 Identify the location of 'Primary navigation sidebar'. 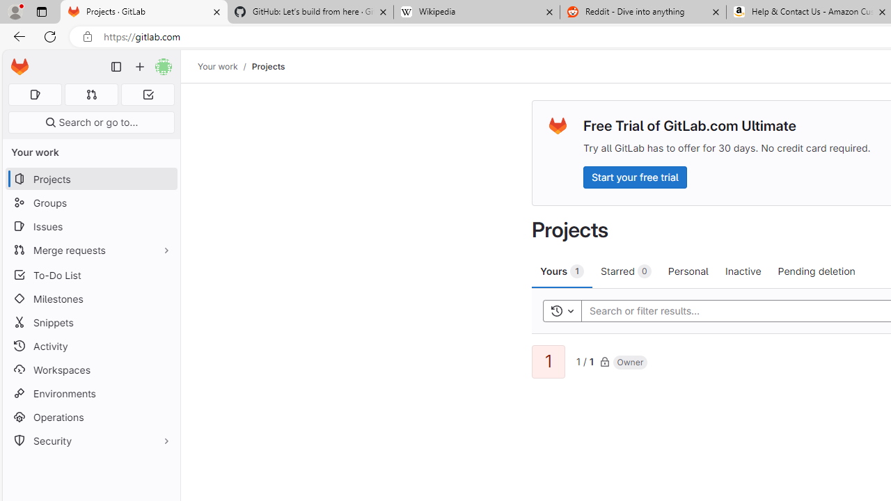
(116, 67).